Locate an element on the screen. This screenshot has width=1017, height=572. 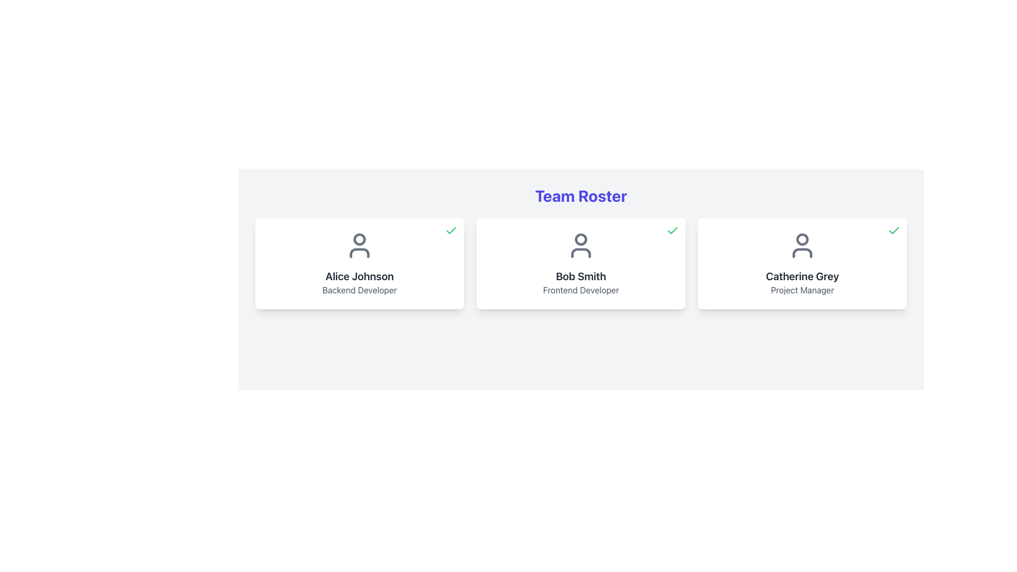
the status indicator icon located at the top-right corner of the Catherine Grey profile card, which is the rightmost of three similar cards is located at coordinates (894, 230).